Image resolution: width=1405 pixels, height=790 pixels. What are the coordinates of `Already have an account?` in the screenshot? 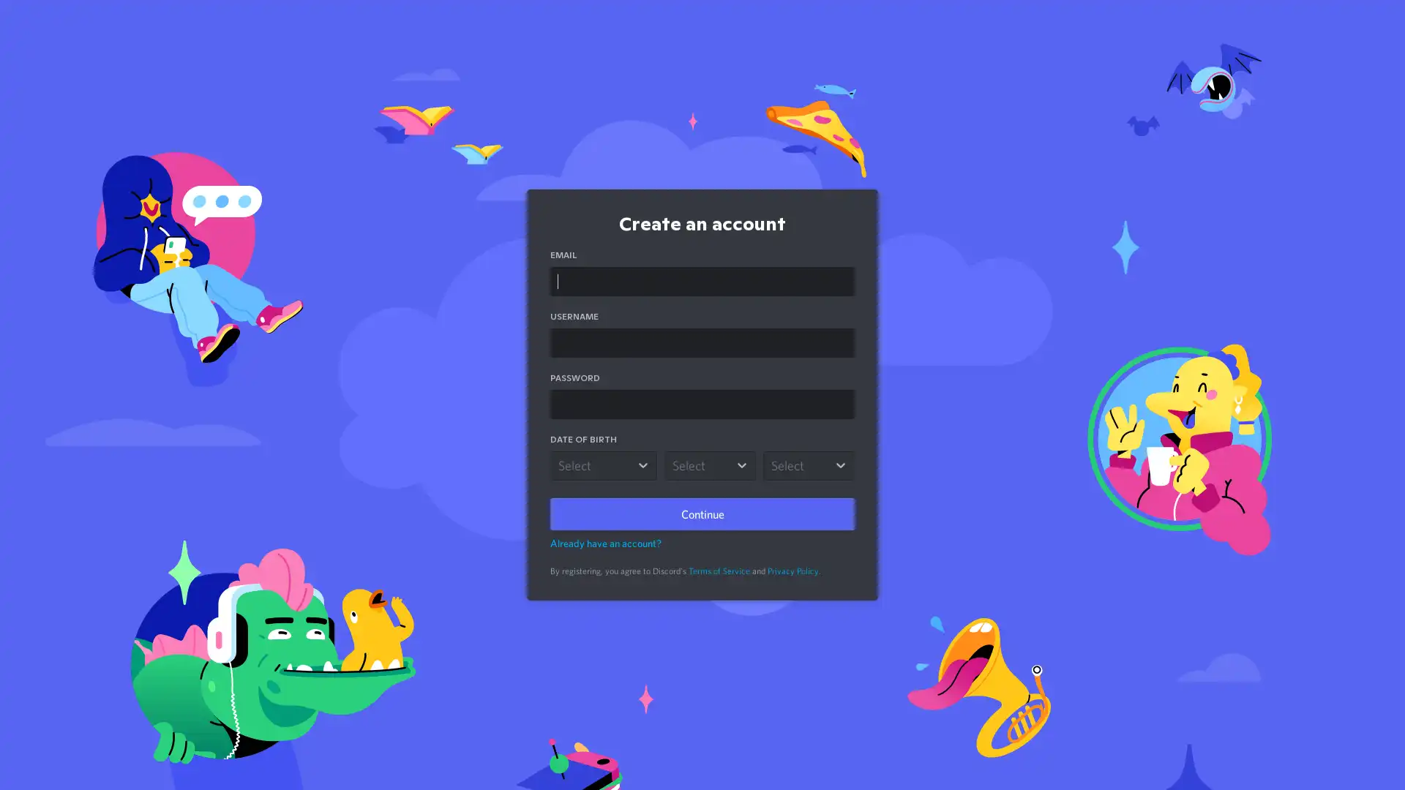 It's located at (606, 543).